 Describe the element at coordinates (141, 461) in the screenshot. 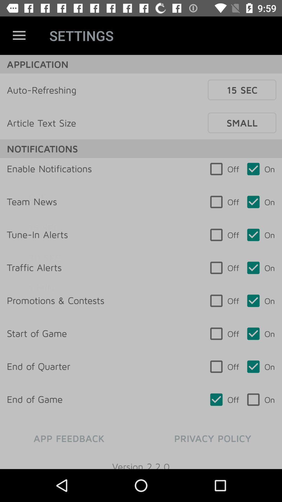

I see `the item below app feedback item` at that location.